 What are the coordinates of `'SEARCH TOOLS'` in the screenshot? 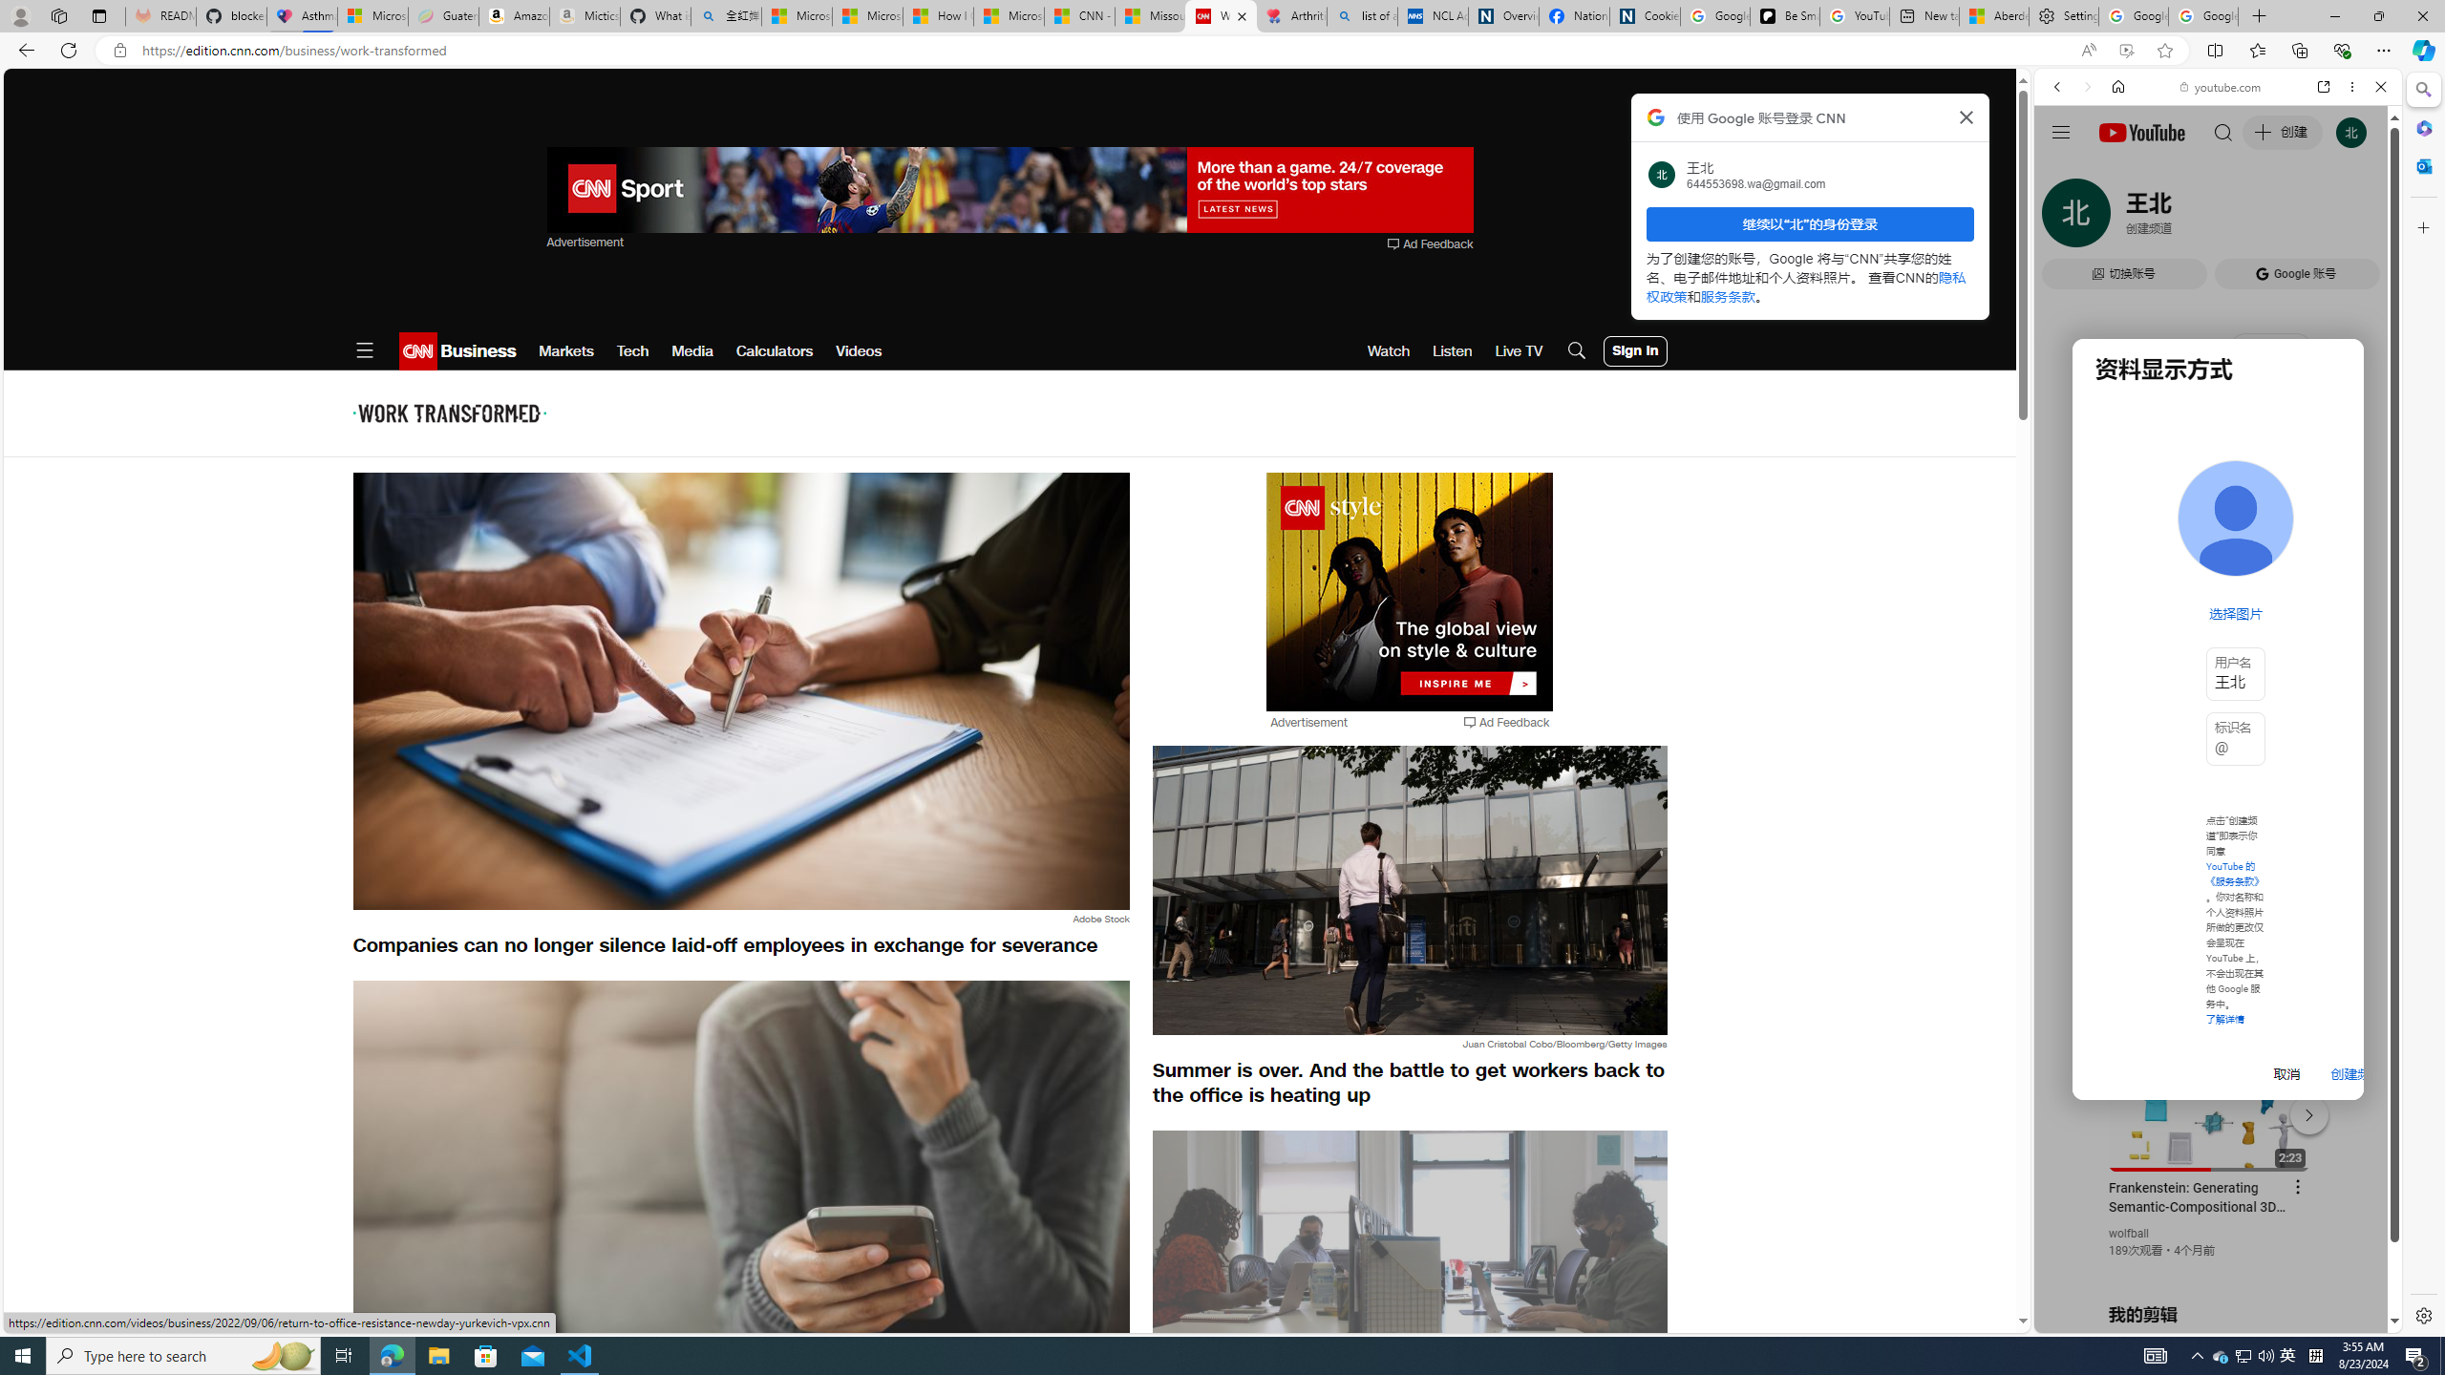 It's located at (2266, 219).